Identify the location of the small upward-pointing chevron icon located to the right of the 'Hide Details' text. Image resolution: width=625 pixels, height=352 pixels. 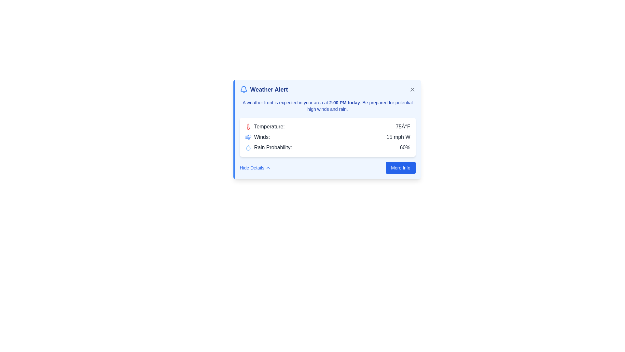
(268, 168).